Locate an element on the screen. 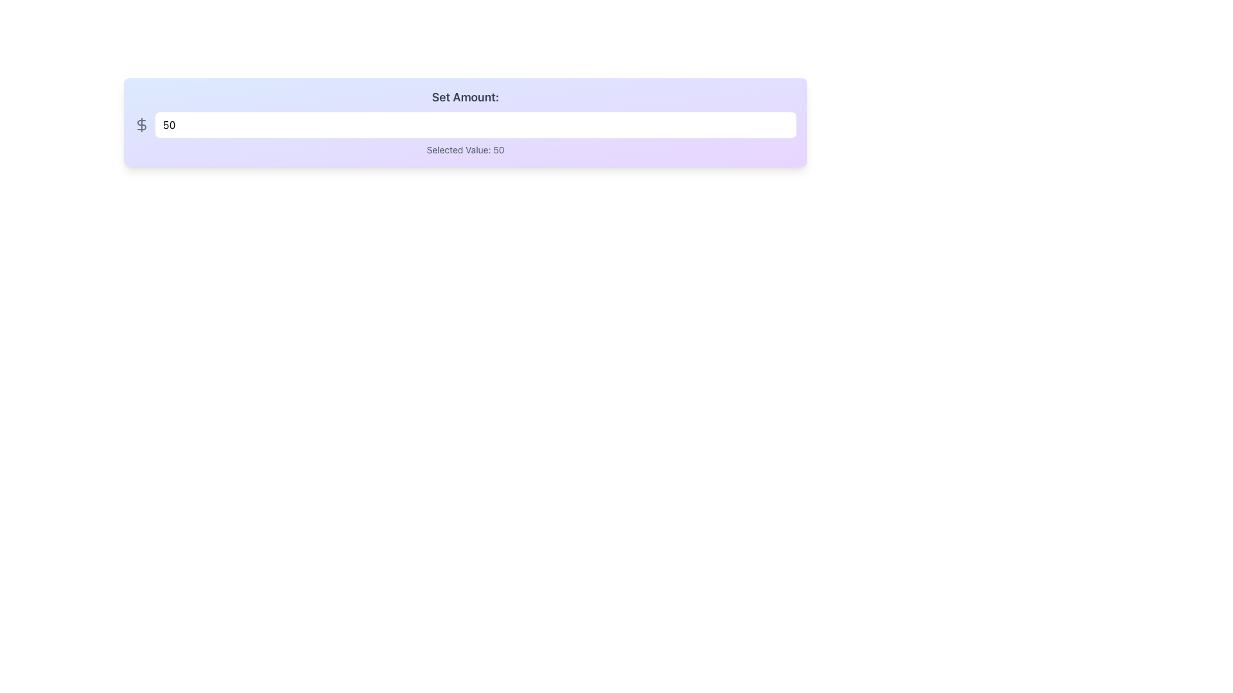 Image resolution: width=1233 pixels, height=693 pixels. the Number Input Field that is horizontally aligned, has a light background gradient, rounded corners, and a gray border to focus it for numeric input is located at coordinates (464, 125).